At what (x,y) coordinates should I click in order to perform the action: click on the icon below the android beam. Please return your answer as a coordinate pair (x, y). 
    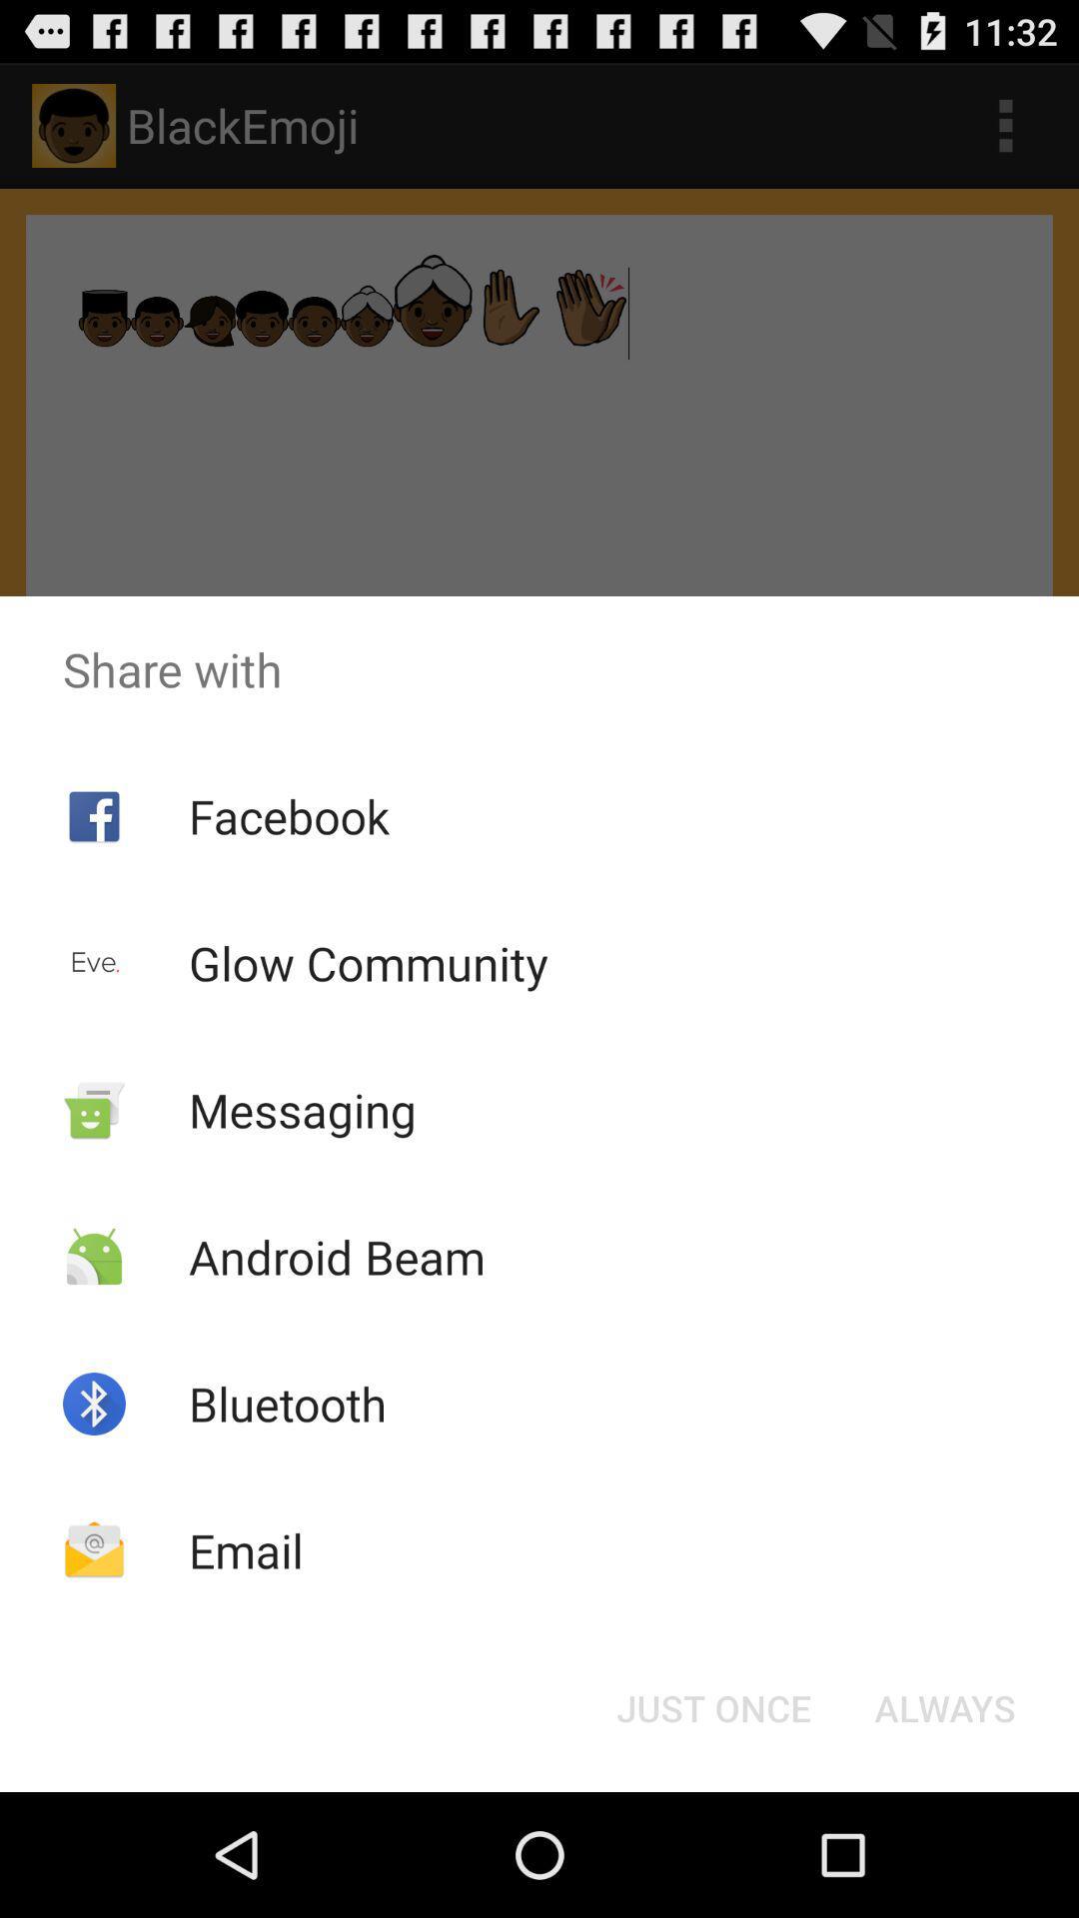
    Looking at the image, I should click on (288, 1403).